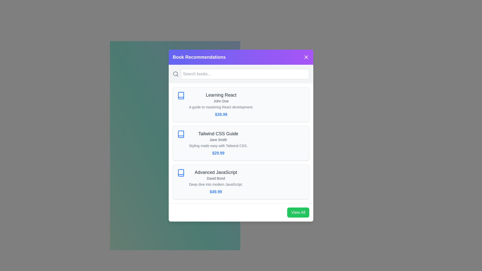 This screenshot has height=271, width=482. What do you see at coordinates (306, 57) in the screenshot?
I see `the close button located at the top-right of the modal window header` at bounding box center [306, 57].